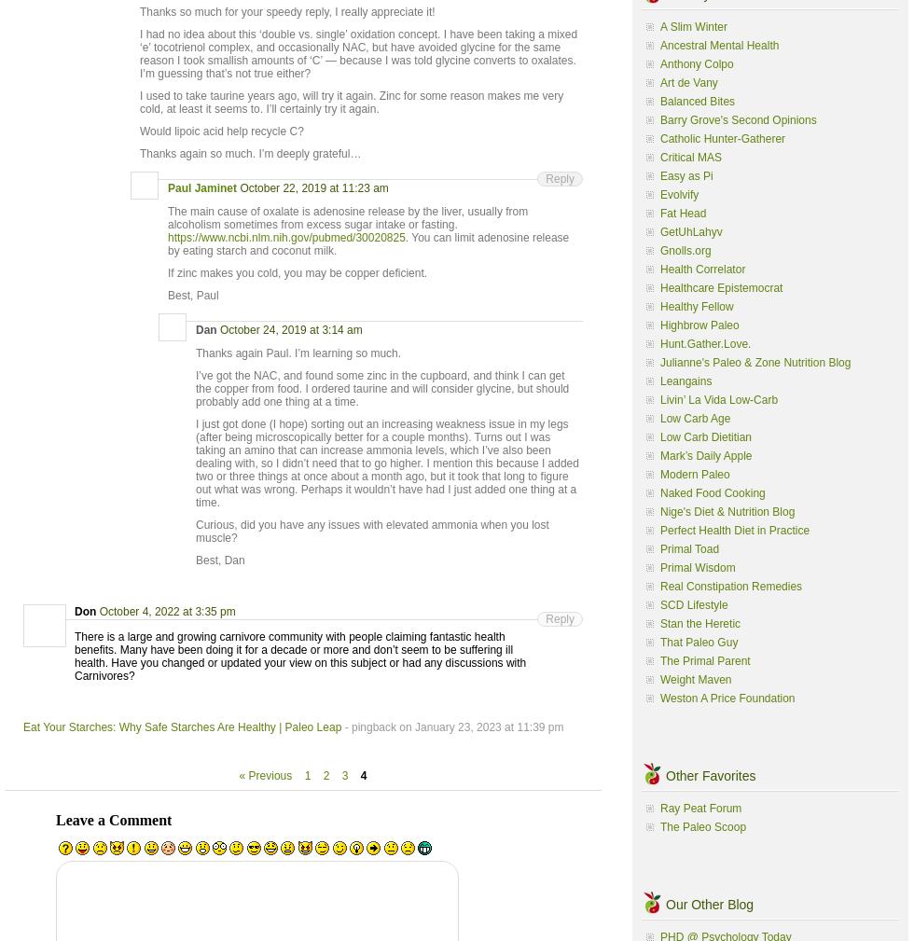 The image size is (914, 941). I want to click on '. You can limit adenosine release by eating starch and coconut milk.', so click(368, 243).